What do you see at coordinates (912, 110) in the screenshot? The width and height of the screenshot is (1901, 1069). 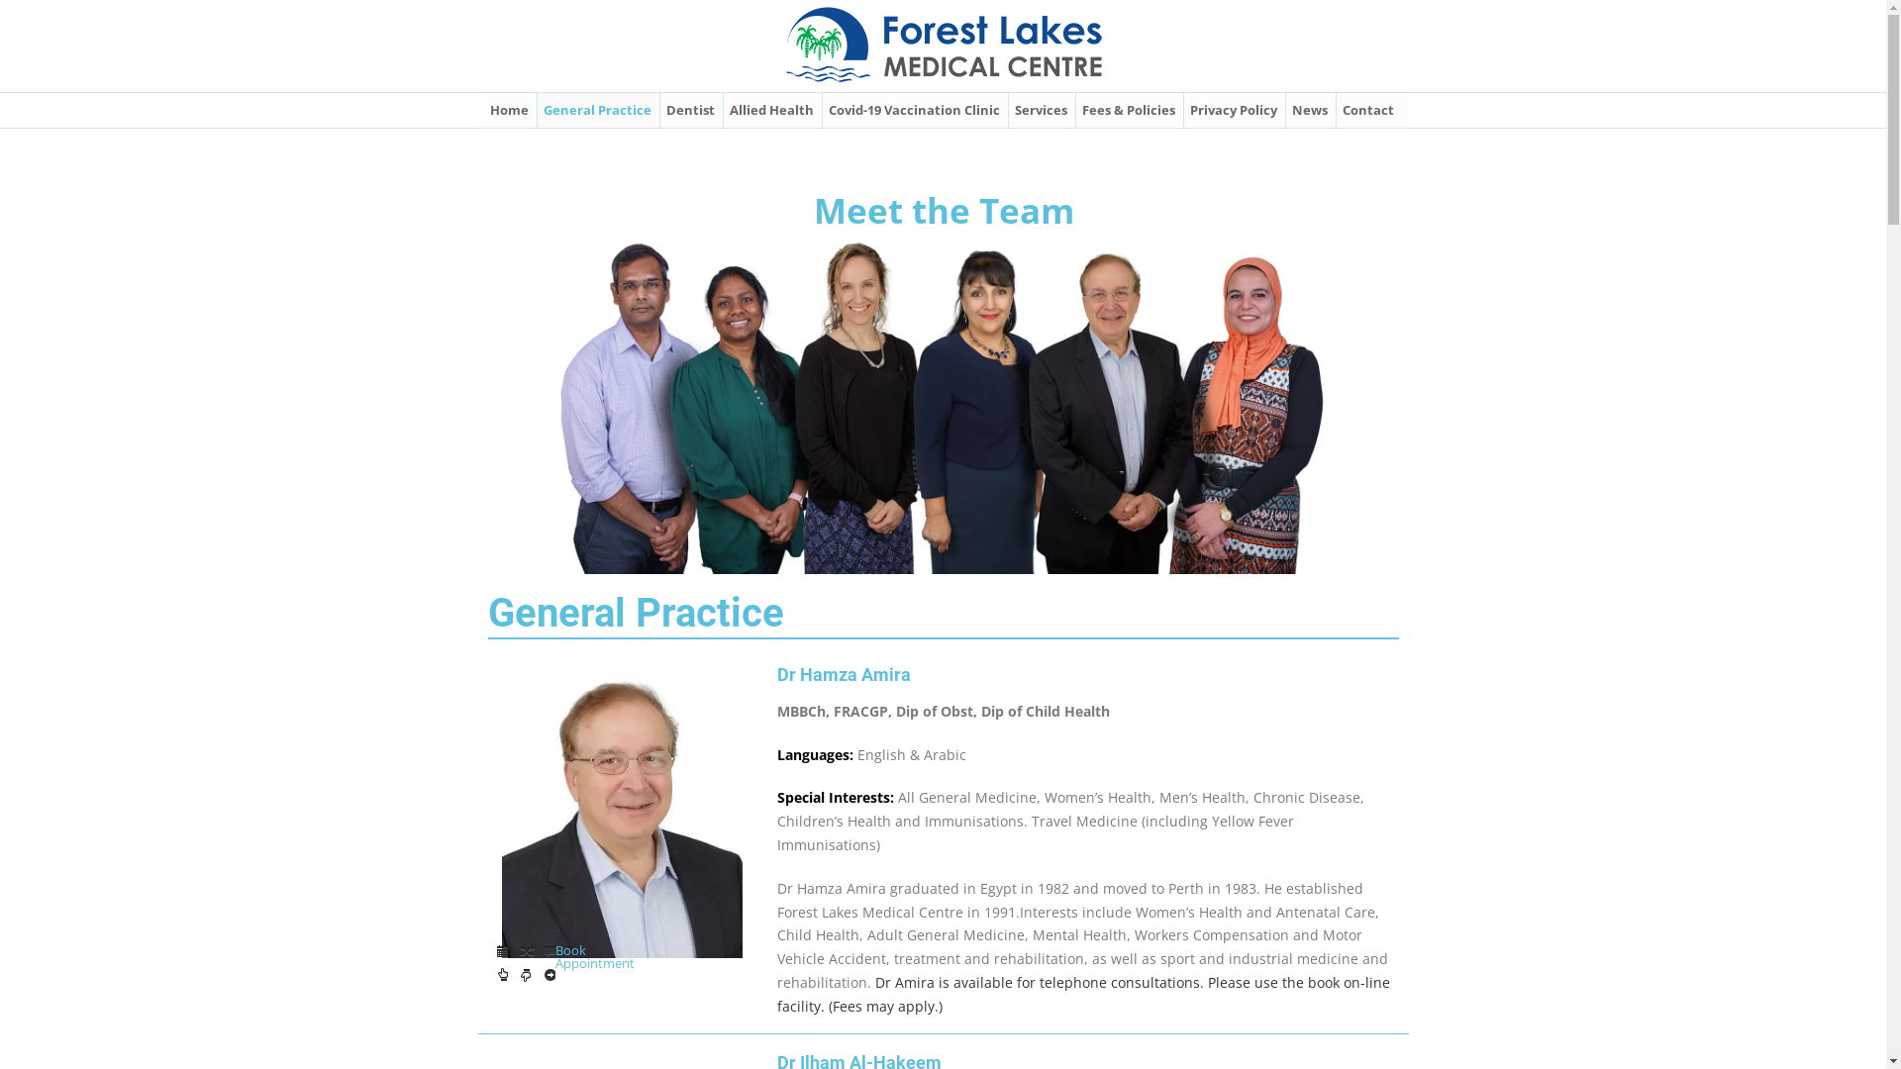 I see `'Covid-19 Vaccination Clinic'` at bounding box center [912, 110].